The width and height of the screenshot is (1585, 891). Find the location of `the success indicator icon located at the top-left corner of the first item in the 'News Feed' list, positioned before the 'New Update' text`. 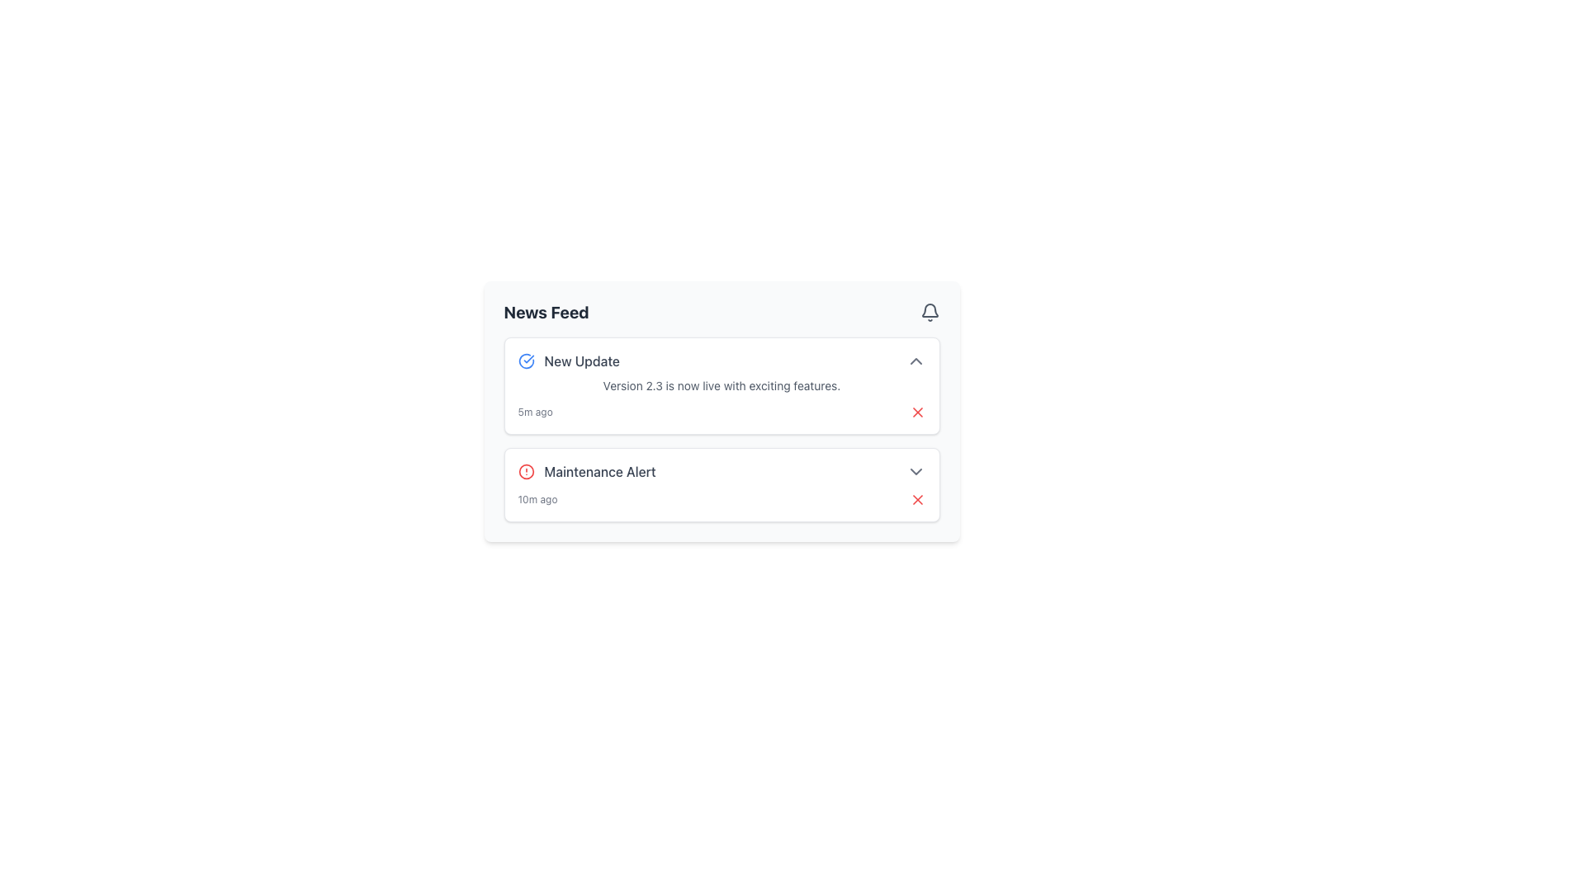

the success indicator icon located at the top-left corner of the first item in the 'News Feed' list, positioned before the 'New Update' text is located at coordinates (525, 361).